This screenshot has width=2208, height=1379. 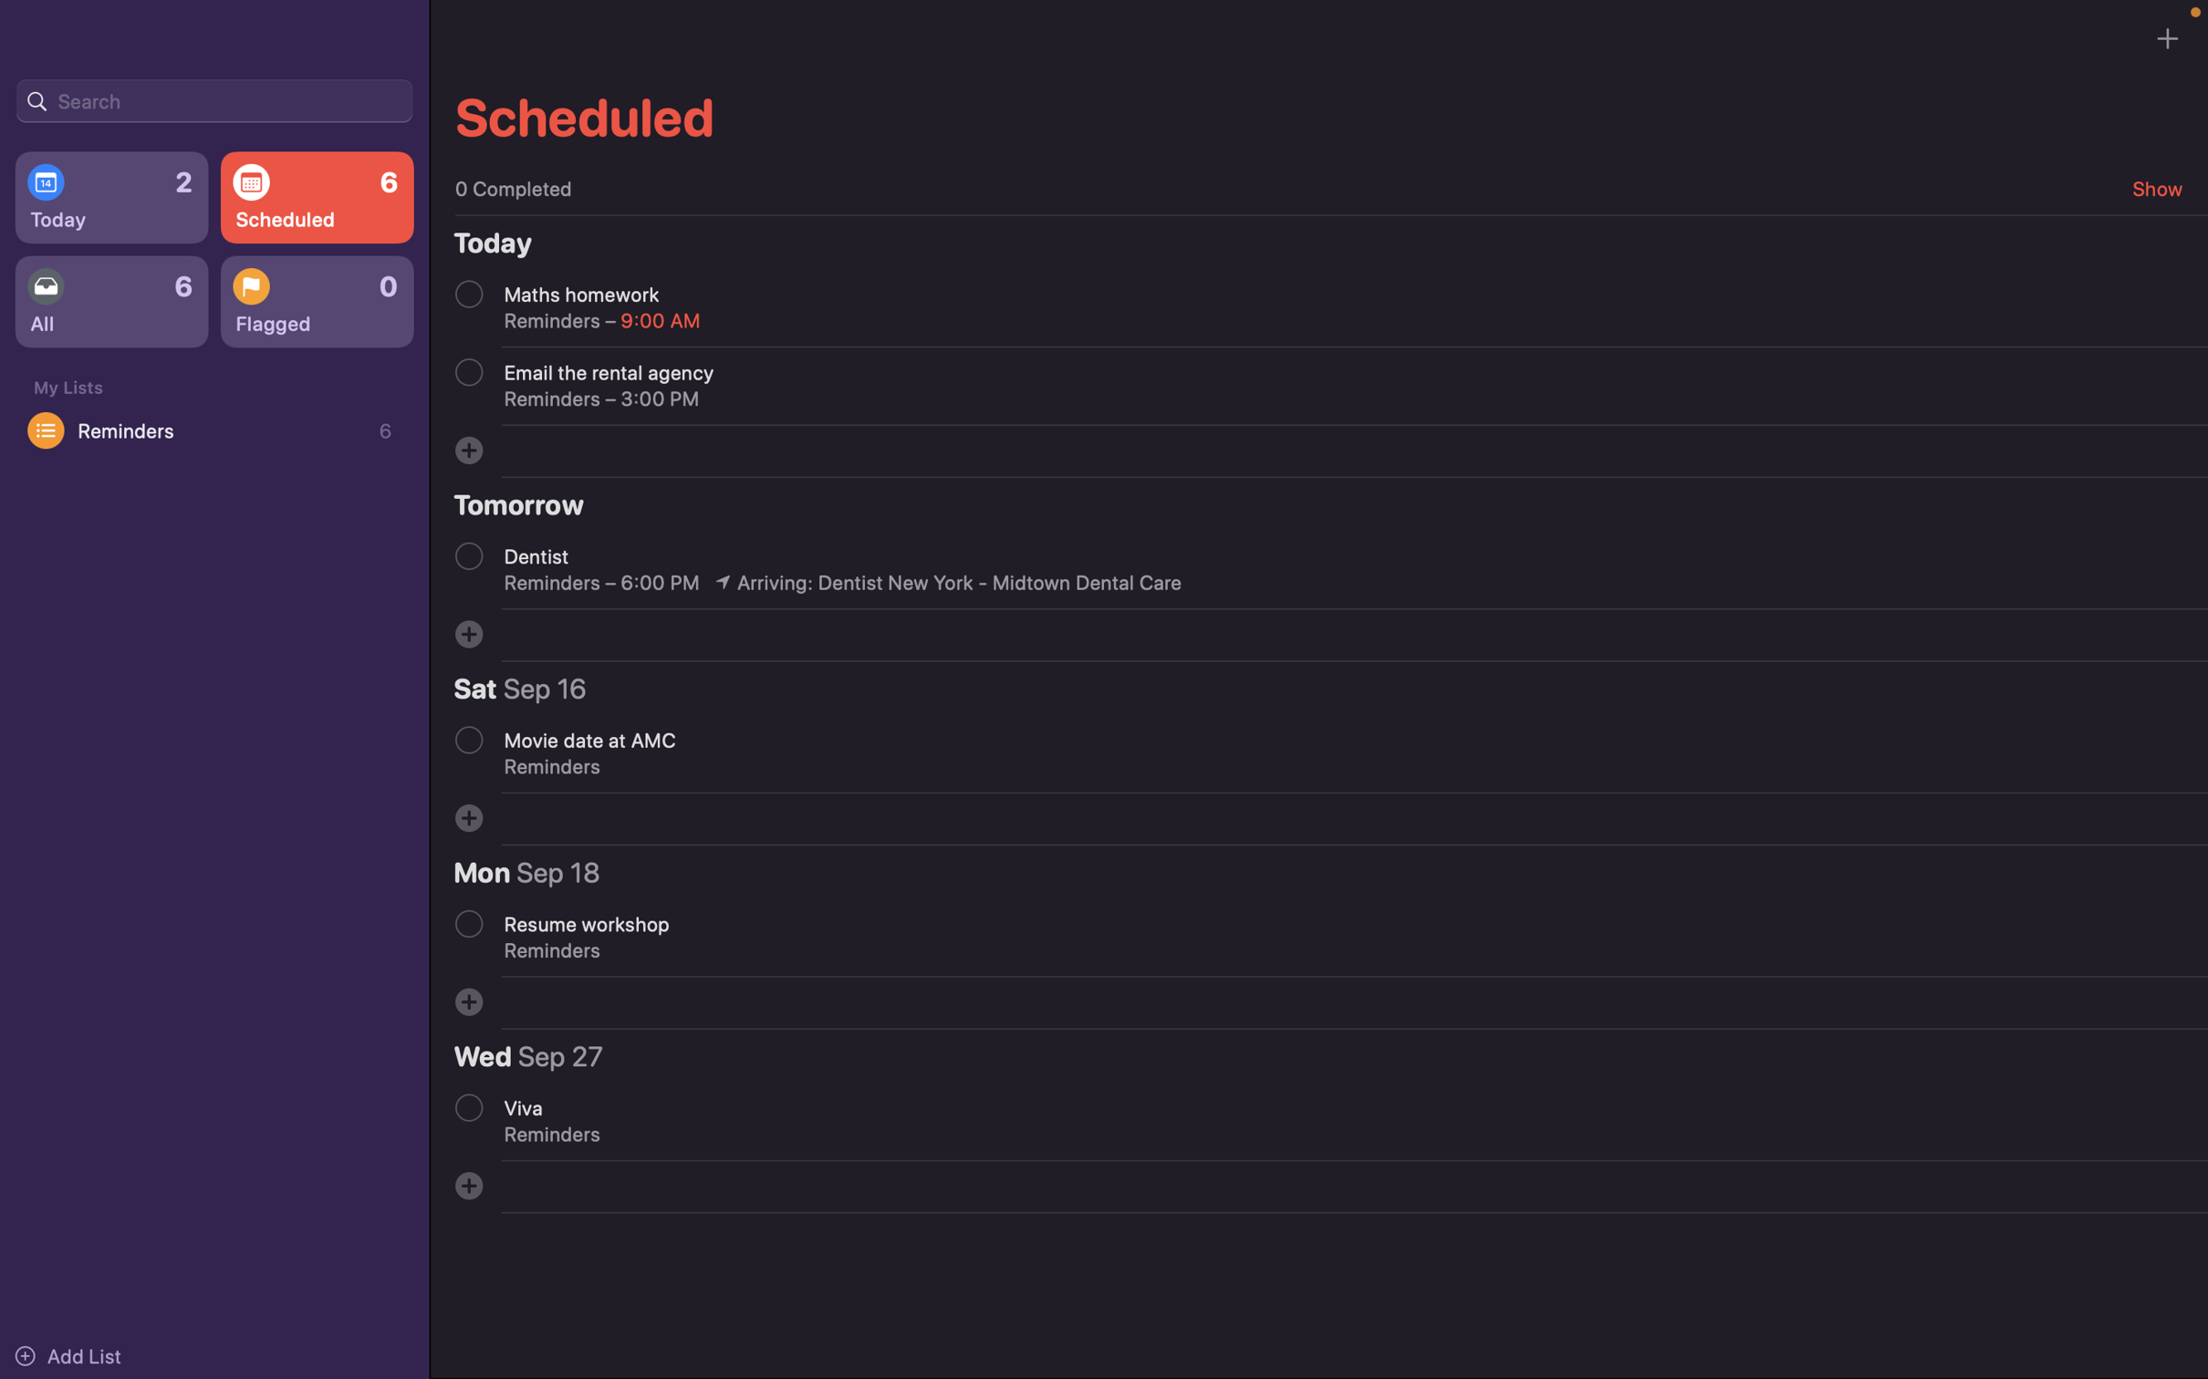 What do you see at coordinates (468, 371) in the screenshot?
I see `the second event for today` at bounding box center [468, 371].